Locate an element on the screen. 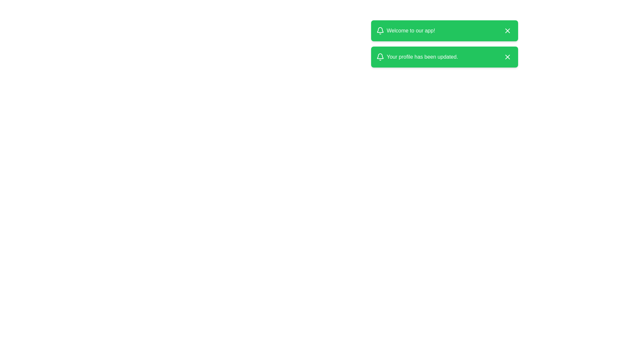  the text element that indicates successful profile update, located in the second notification panel below the 'Welcome to our app!' notification is located at coordinates (422, 56).